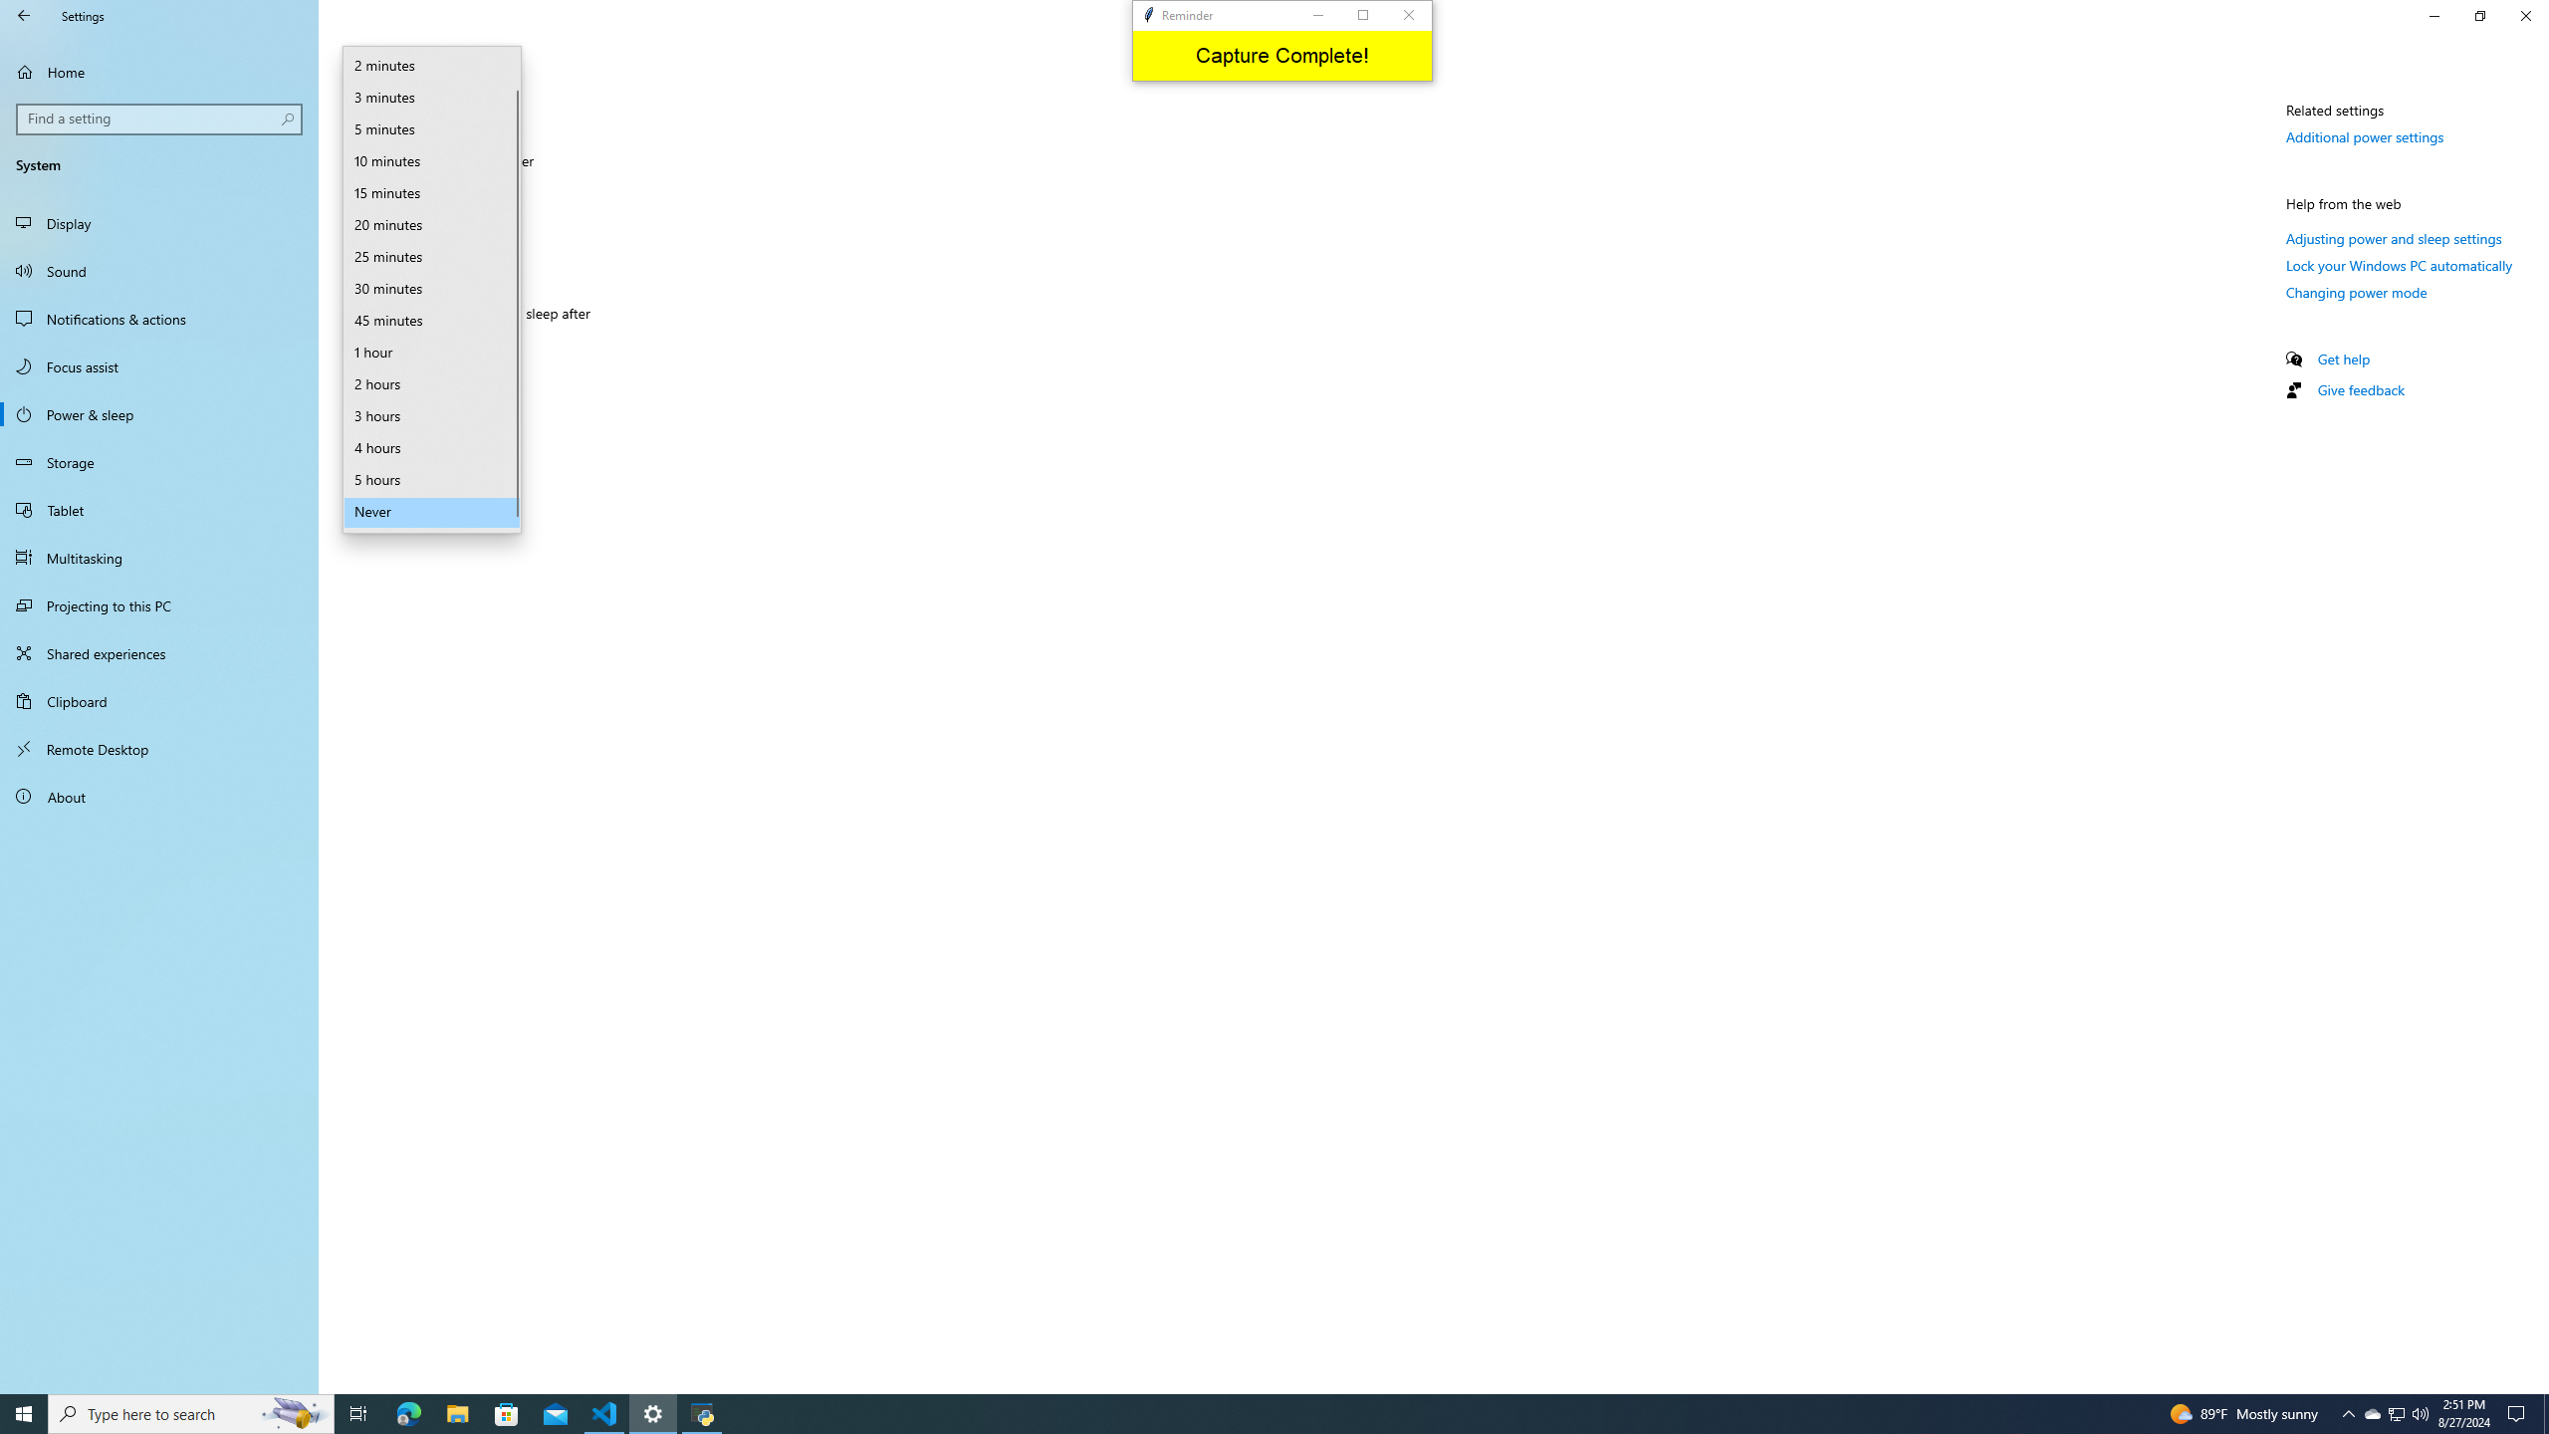 Image resolution: width=2549 pixels, height=1434 pixels. What do you see at coordinates (430, 194) in the screenshot?
I see `'15 minutes'` at bounding box center [430, 194].